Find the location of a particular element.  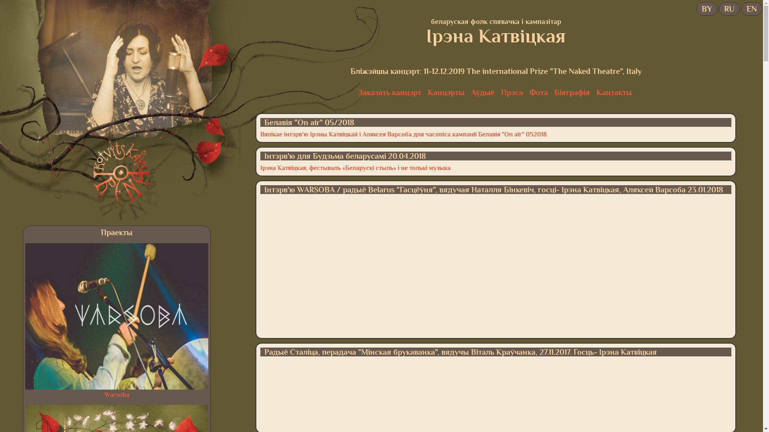

'Warsoba' is located at coordinates (104, 394).